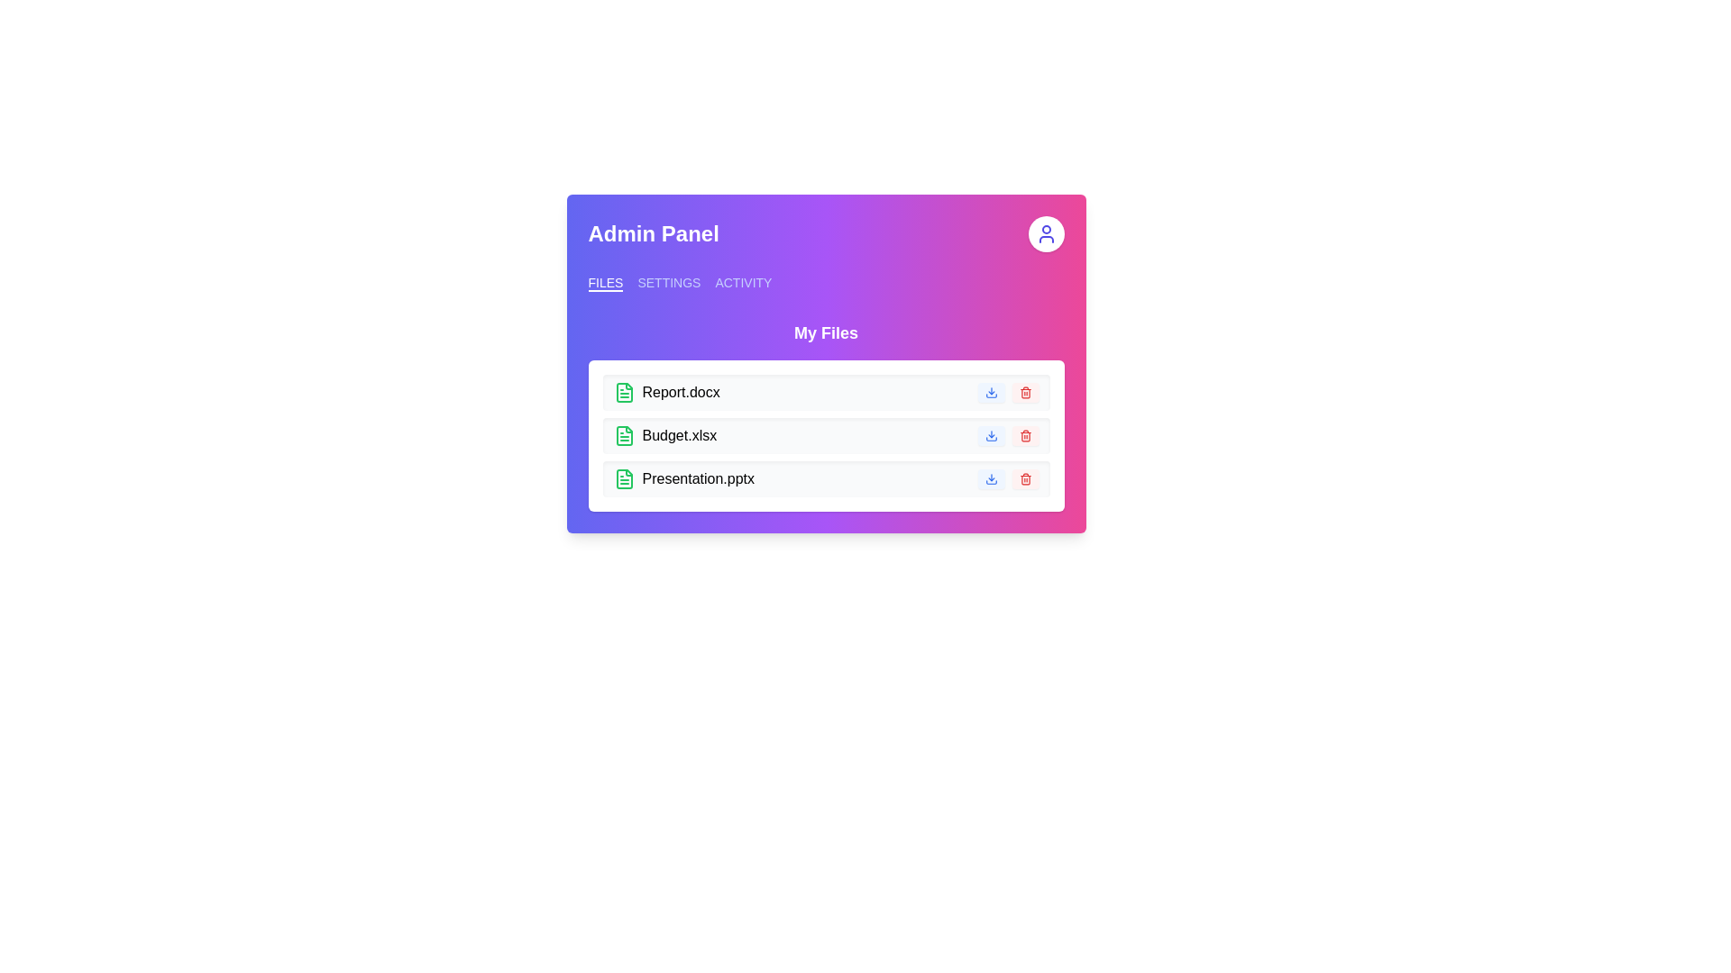  I want to click on the File preview item labeled 'Presentation.pptx', so click(825, 478).